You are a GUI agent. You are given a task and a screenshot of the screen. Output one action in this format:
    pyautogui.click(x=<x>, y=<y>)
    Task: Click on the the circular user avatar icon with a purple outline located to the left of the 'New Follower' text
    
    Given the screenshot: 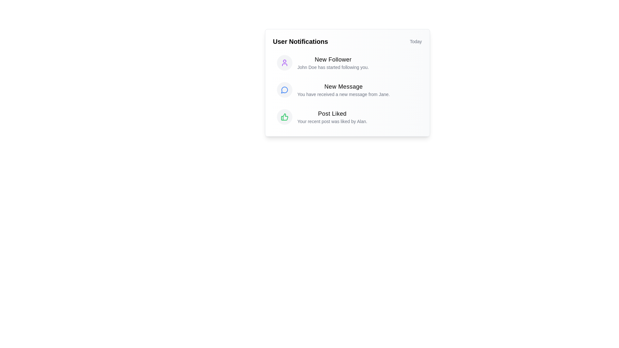 What is the action you would take?
    pyautogui.click(x=284, y=63)
    